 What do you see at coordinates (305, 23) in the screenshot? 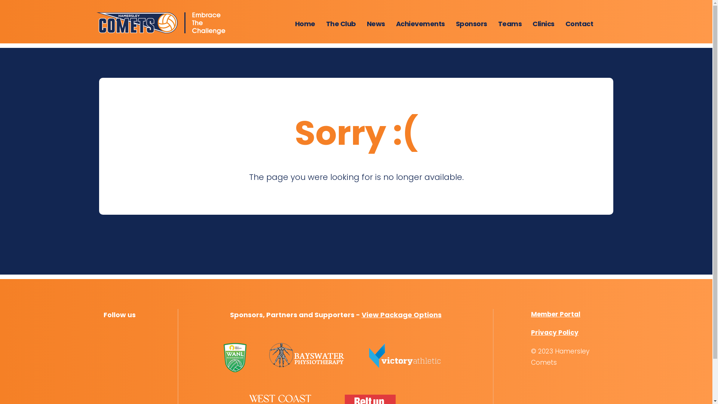
I see `'Home'` at bounding box center [305, 23].